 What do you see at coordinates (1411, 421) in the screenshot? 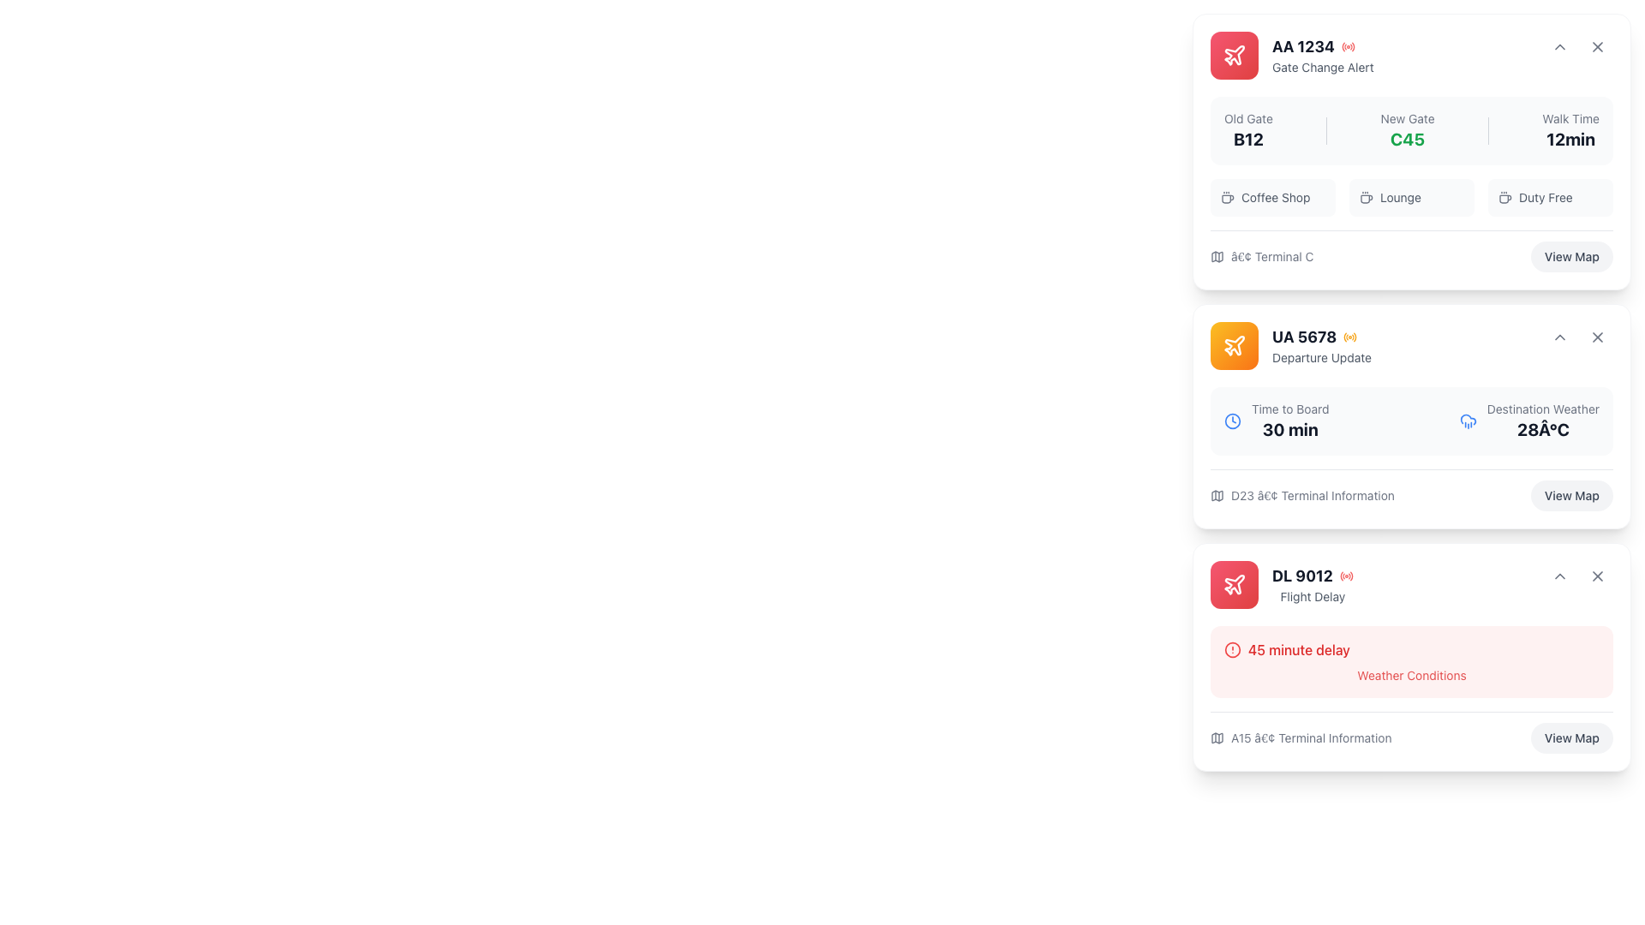
I see `the information display panel that shows boarding time and destination weather for the flight labeled 'UA 5678 Departure Update'` at bounding box center [1411, 421].